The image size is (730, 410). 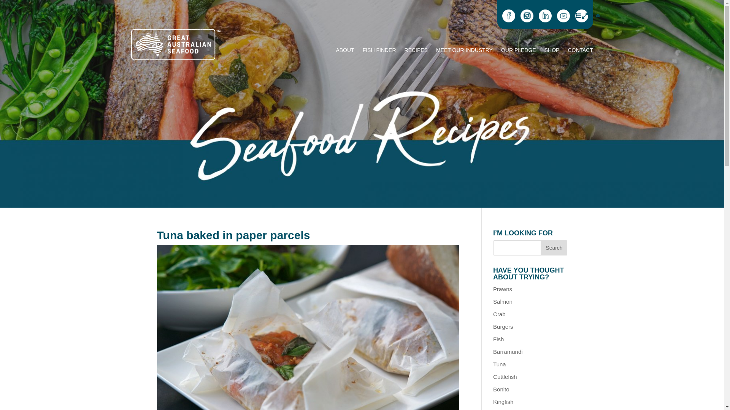 I want to click on 'SHOP', so click(x=544, y=51).